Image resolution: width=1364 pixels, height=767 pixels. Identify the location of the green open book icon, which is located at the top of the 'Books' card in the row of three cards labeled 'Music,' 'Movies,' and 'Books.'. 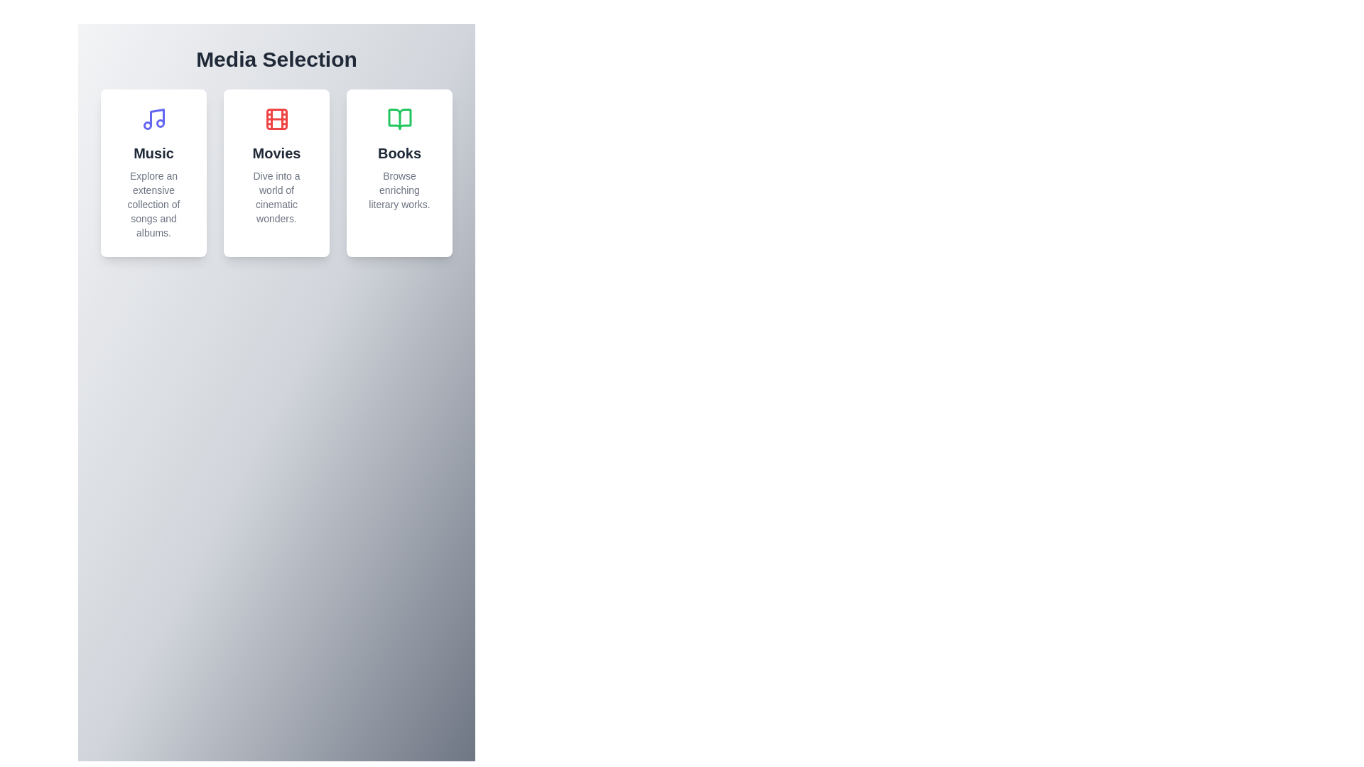
(399, 119).